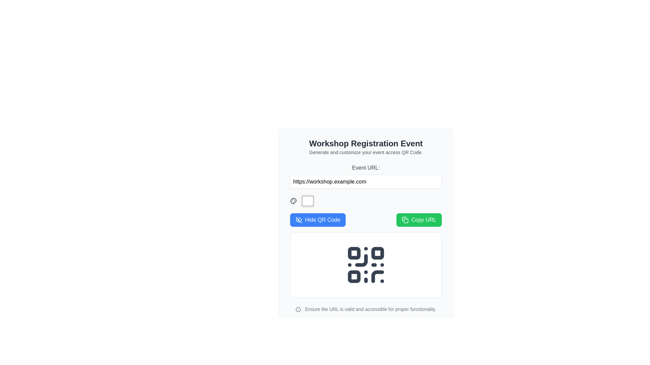 The image size is (650, 365). I want to click on the top-left rectangle of the QR code graphic, which is located towards the lower section of the interface and is the first of three similar blocks, so click(354, 253).